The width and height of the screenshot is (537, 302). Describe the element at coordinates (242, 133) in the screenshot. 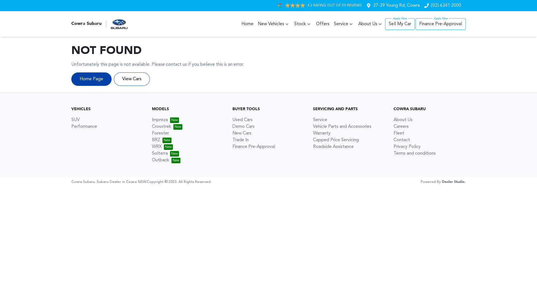

I see `'New Cars'` at that location.